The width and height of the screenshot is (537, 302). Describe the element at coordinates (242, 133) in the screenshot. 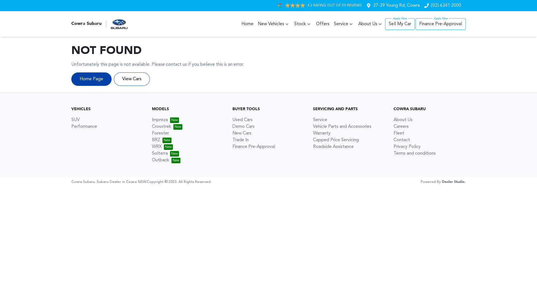

I see `'New Cars'` at that location.